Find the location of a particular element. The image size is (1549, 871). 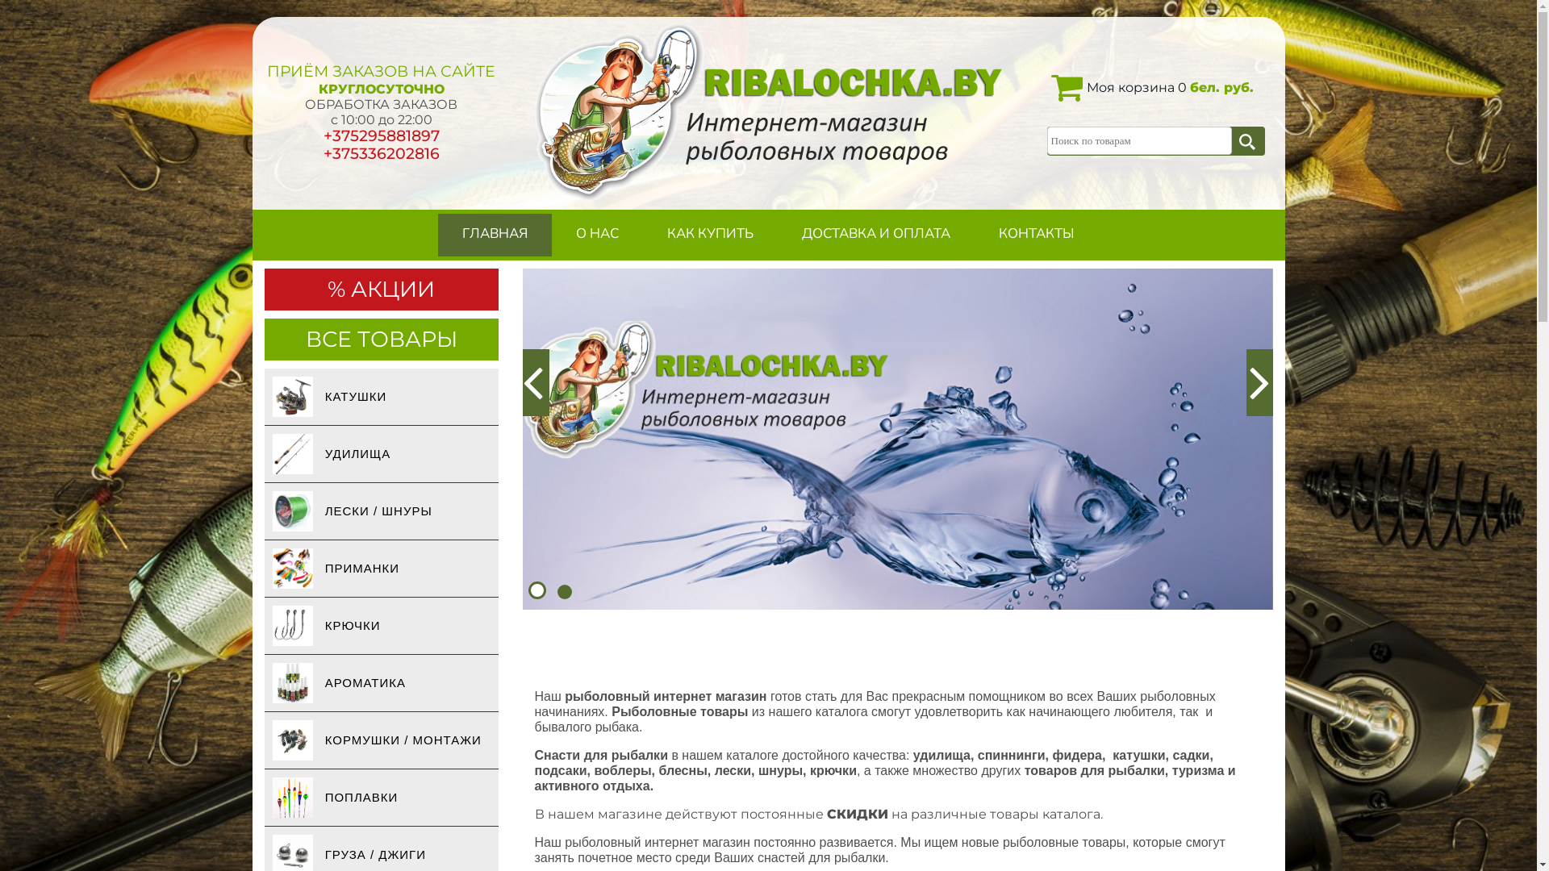

'+375336202816' is located at coordinates (379, 153).